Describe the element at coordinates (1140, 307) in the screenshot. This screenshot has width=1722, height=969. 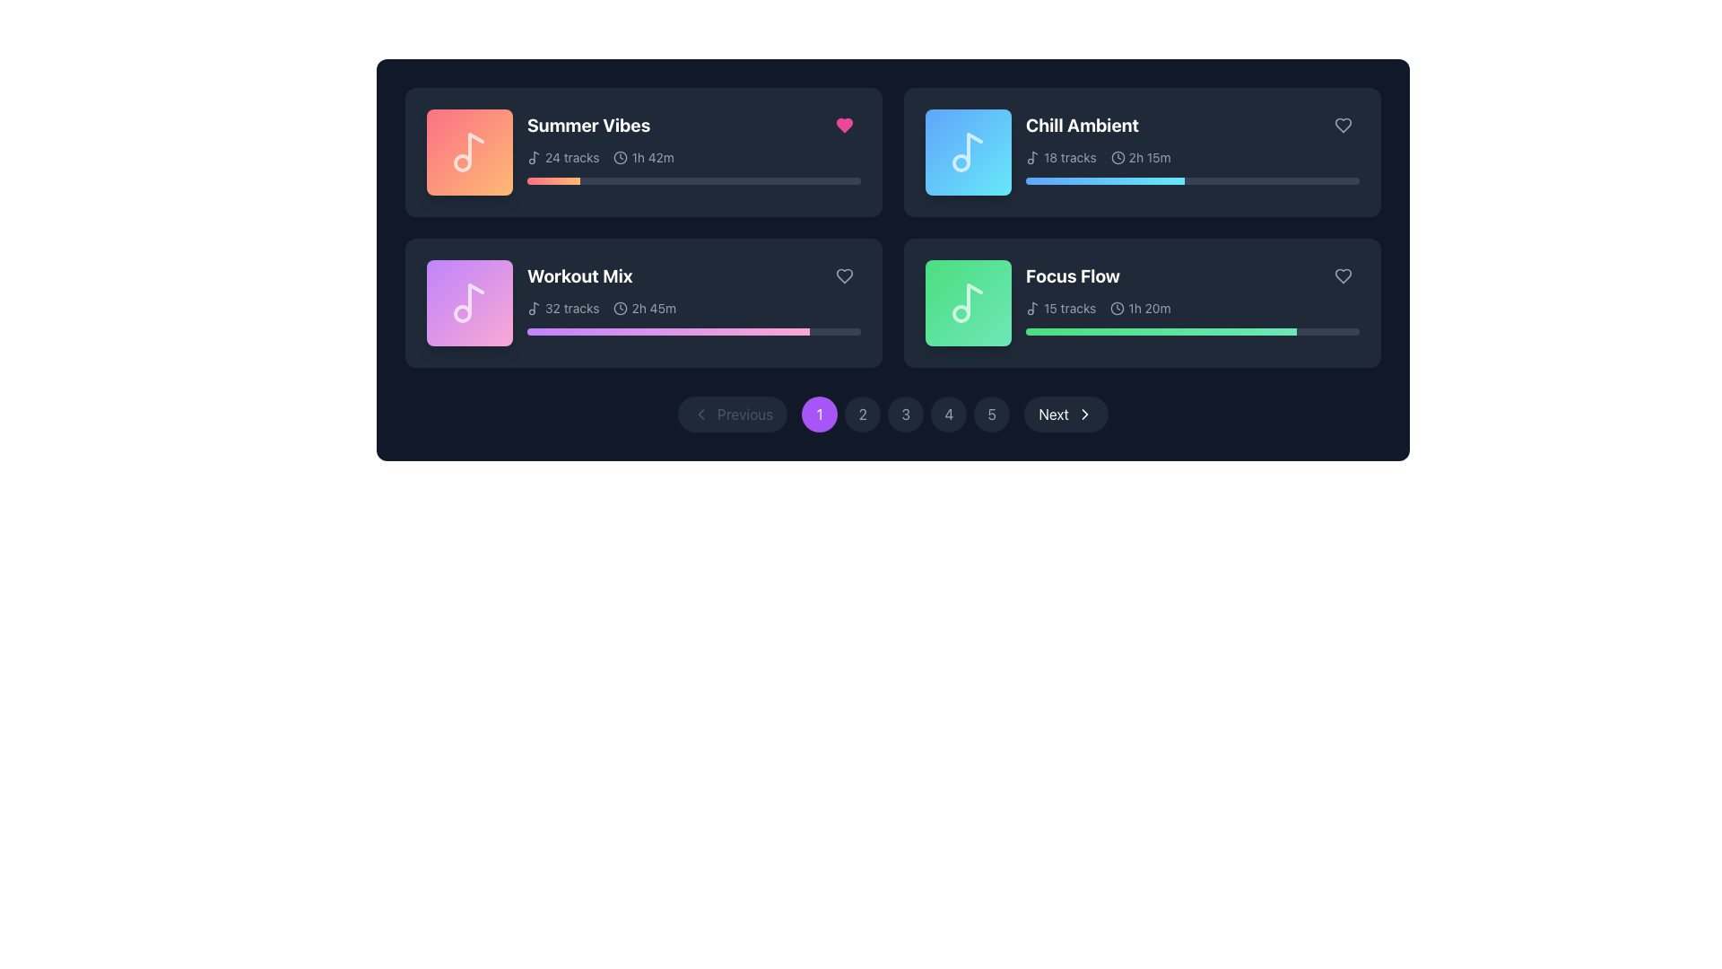
I see `the '1h 20m' text with clock icon located in the 'Focus Flow' section, positioned to the right of '15 tracks' and below the green progress bar` at that location.